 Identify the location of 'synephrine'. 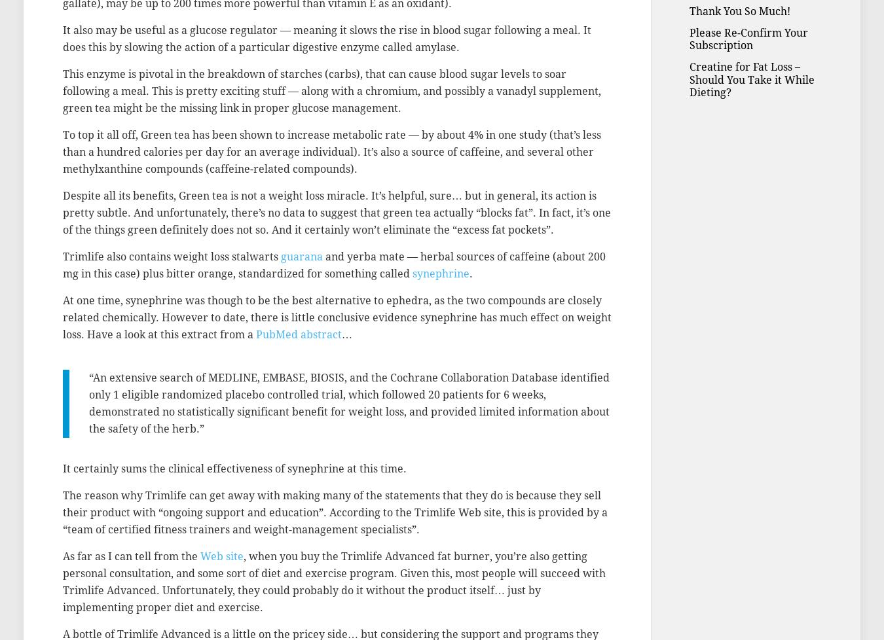
(441, 273).